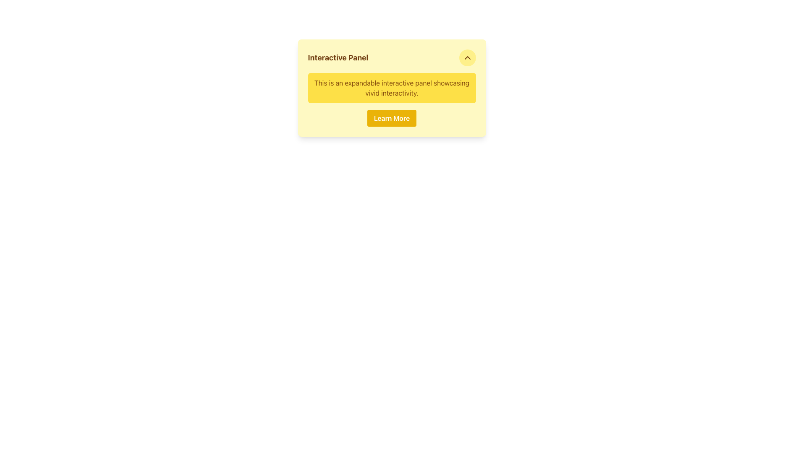  What do you see at coordinates (391, 88) in the screenshot?
I see `the informational panel located below the heading 'Interactive Panel' and above the 'Learn More' button, which provides additional context to the surrounding interface` at bounding box center [391, 88].